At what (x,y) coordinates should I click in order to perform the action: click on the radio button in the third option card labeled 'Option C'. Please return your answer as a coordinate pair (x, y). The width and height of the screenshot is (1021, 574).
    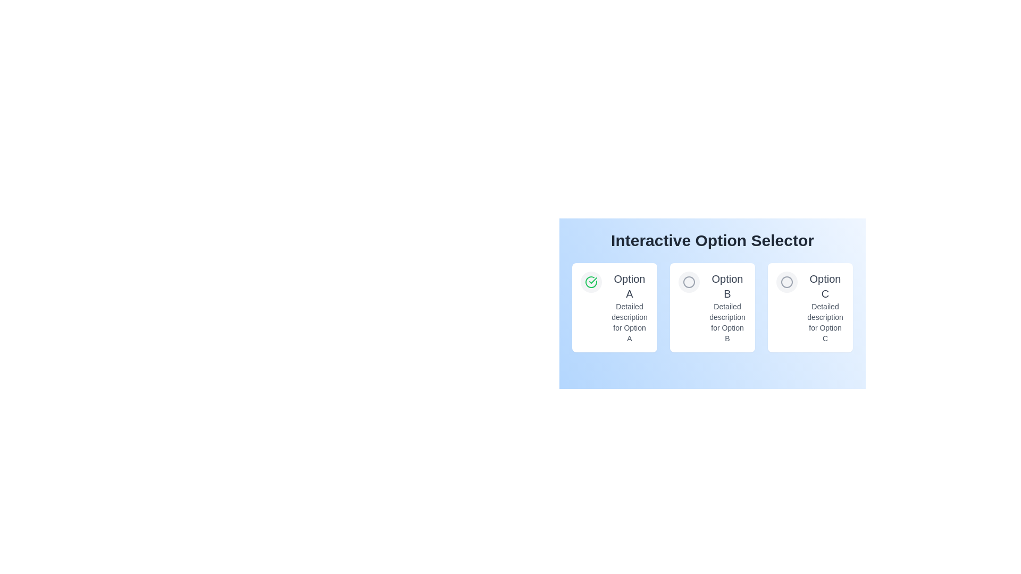
    Looking at the image, I should click on (786, 282).